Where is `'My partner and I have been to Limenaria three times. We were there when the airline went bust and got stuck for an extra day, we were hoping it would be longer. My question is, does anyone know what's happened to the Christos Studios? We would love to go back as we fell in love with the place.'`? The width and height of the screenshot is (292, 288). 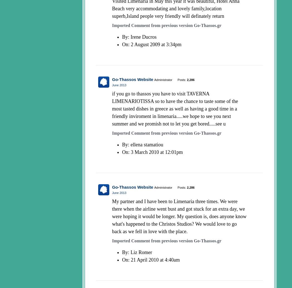
'My partner and I have been to Limenaria three times. We were there when the airline went bust and got stuck for an extra day, we were hoping it would be longer. My question is, does anyone know what's happened to the Christos Studios? We would love to go back as we fell in love with the place.' is located at coordinates (179, 216).